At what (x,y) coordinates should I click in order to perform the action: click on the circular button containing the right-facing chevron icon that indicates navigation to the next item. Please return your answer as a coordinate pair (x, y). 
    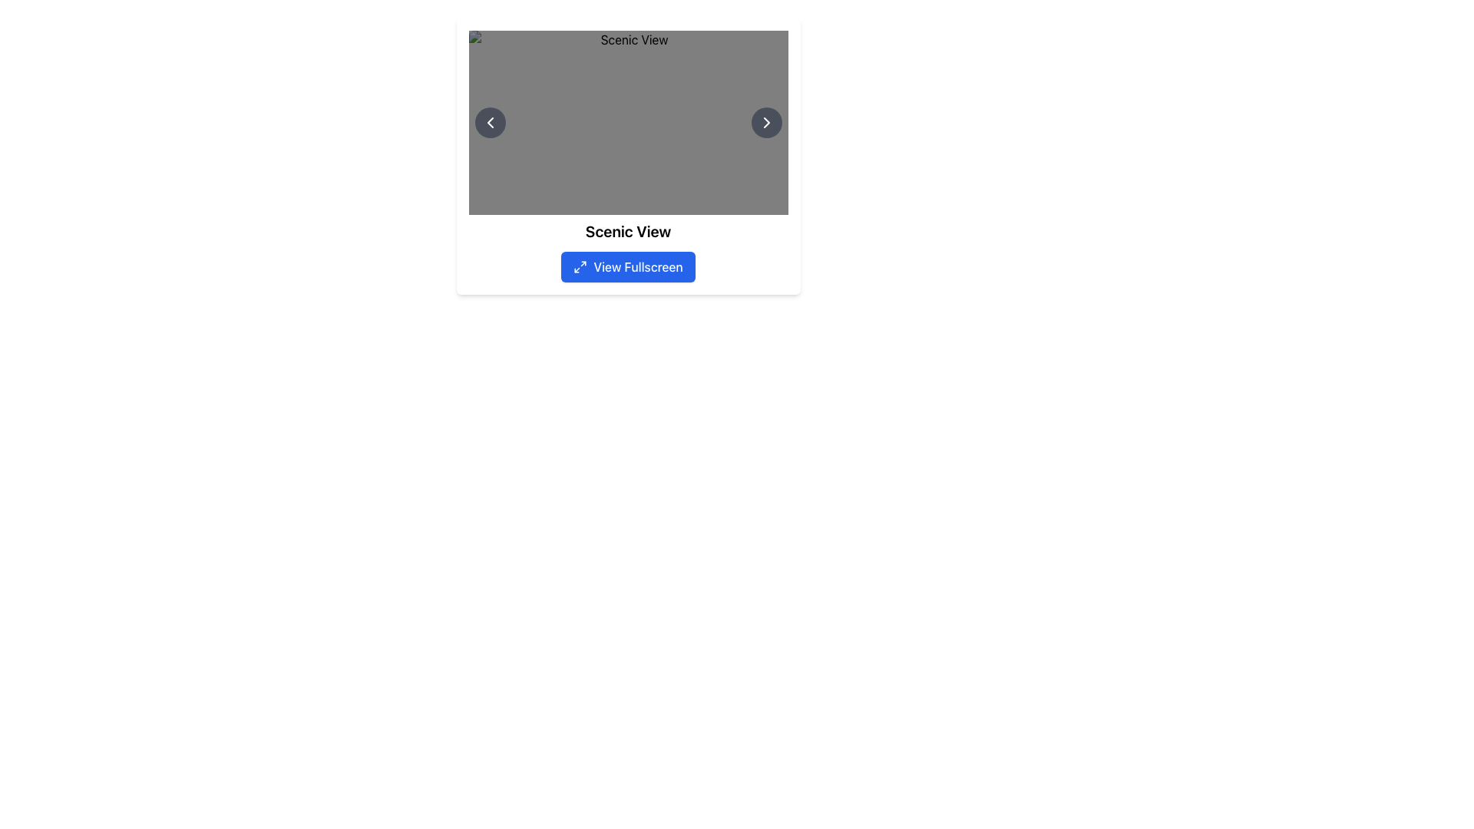
    Looking at the image, I should click on (766, 121).